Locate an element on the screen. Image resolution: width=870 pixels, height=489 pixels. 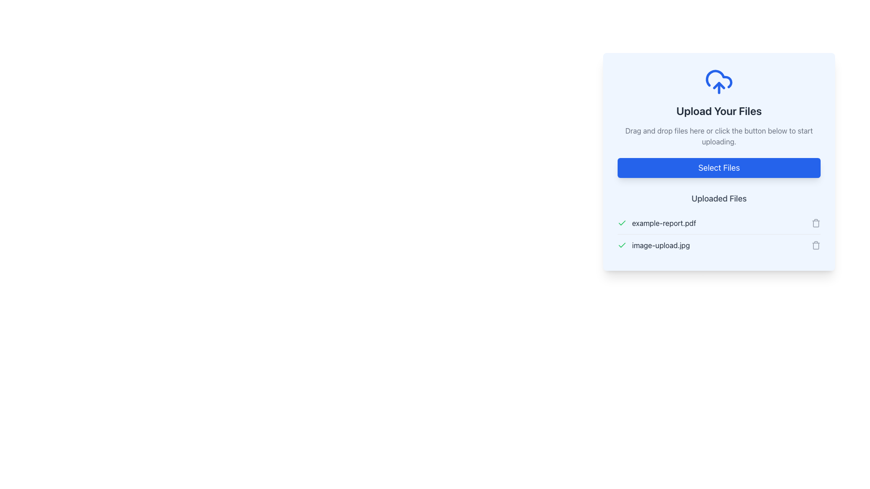
on the text label 'example-report.pdf' located in the uploaded files section, next is located at coordinates (657, 223).